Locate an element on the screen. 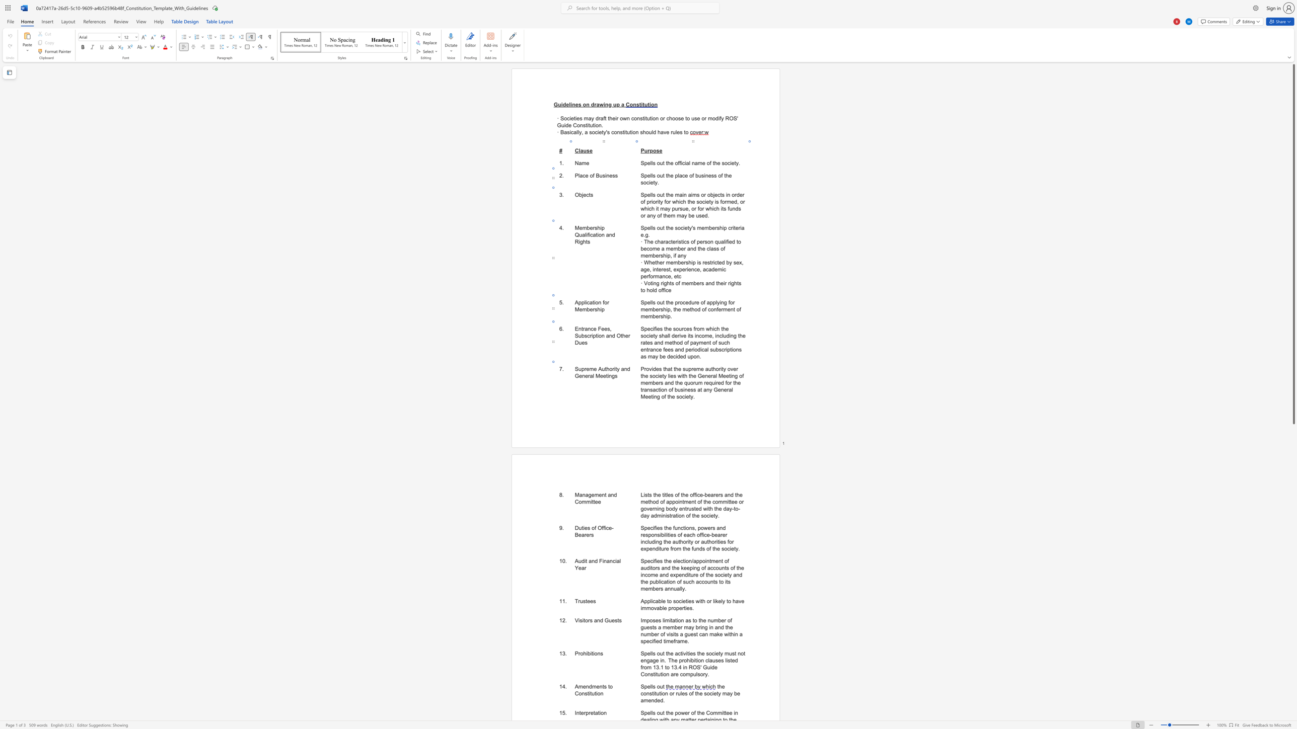 Image resolution: width=1297 pixels, height=729 pixels. the 11th character "n" in the text is located at coordinates (674, 582).